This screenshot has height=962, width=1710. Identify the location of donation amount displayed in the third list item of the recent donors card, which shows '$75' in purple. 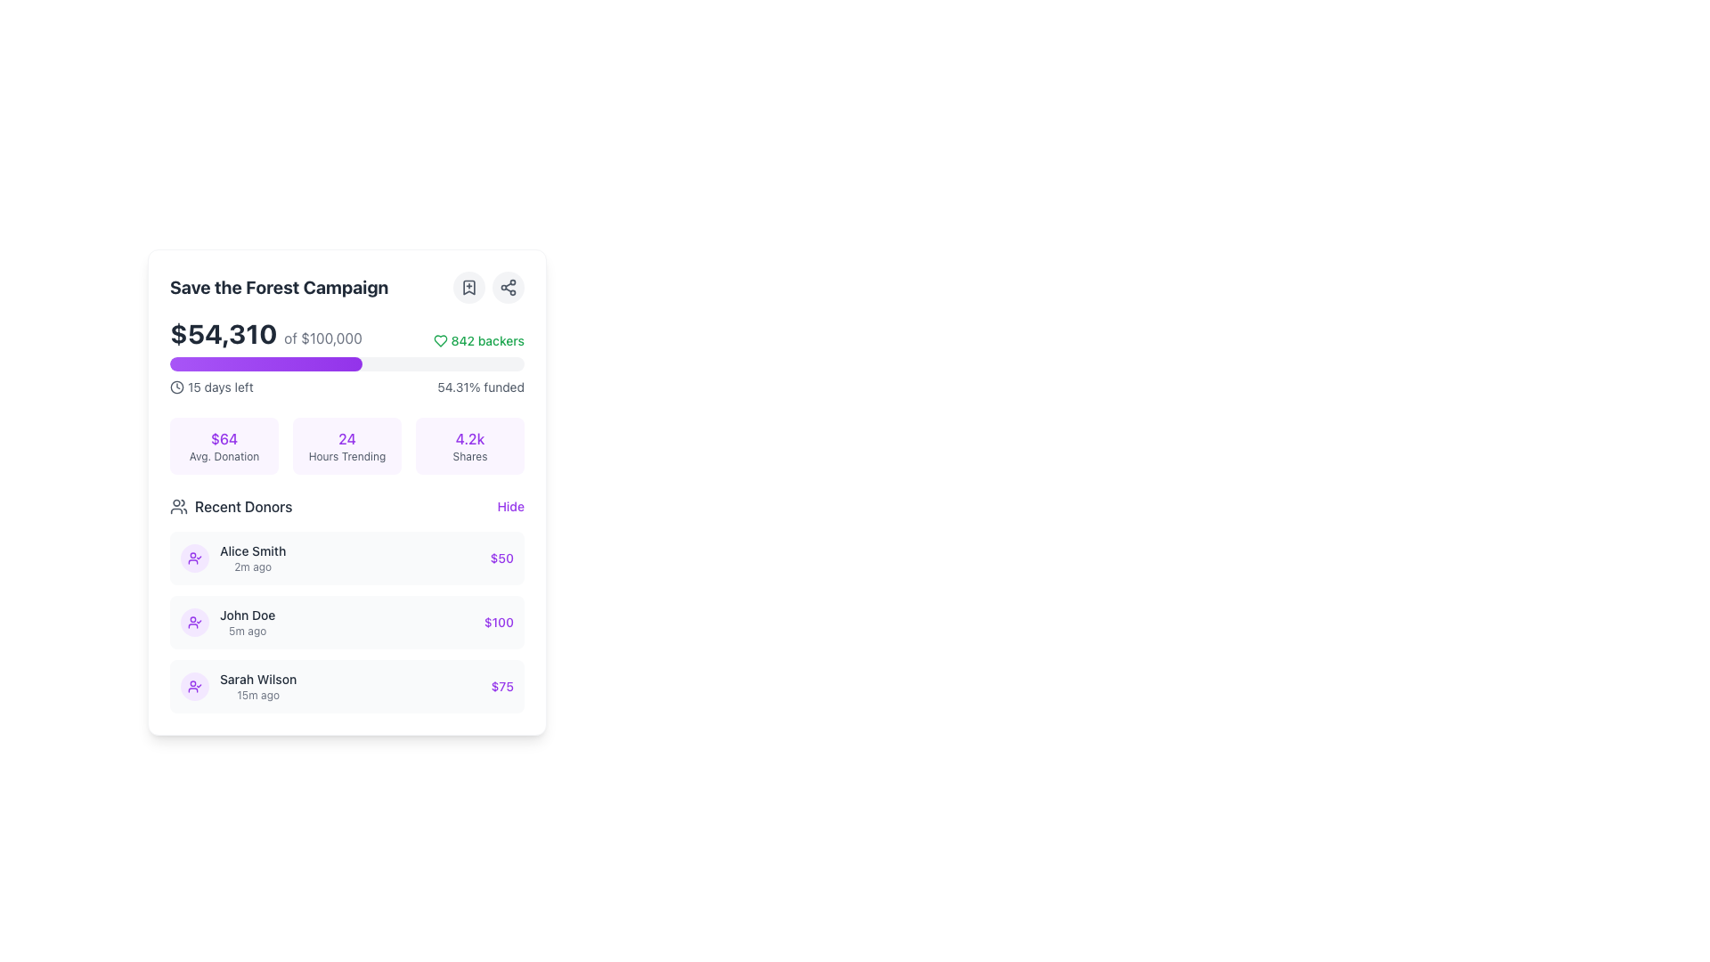
(346, 686).